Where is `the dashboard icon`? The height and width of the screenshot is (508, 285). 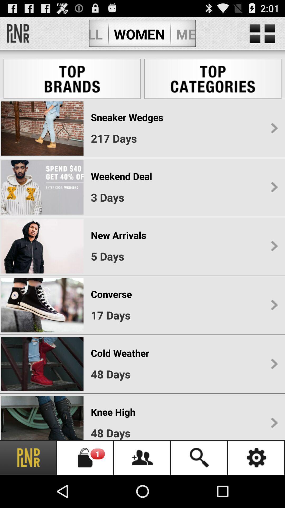 the dashboard icon is located at coordinates (262, 36).